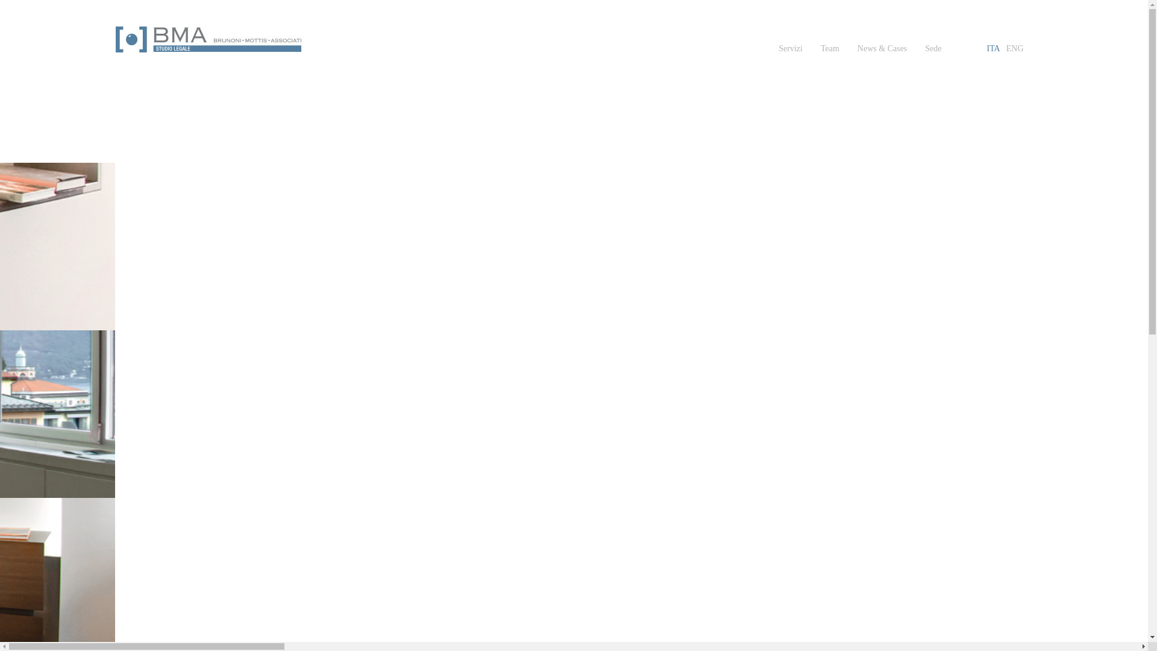  Describe the element at coordinates (882, 48) in the screenshot. I see `'News & Cases'` at that location.